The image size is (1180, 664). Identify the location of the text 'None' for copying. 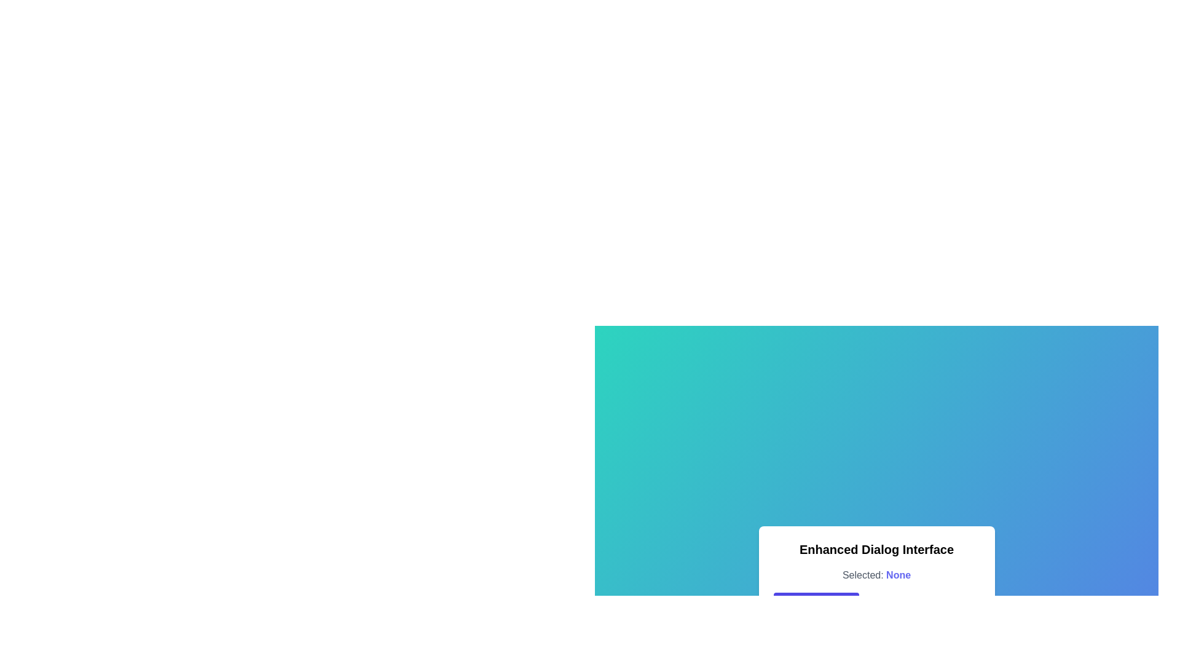
(899, 575).